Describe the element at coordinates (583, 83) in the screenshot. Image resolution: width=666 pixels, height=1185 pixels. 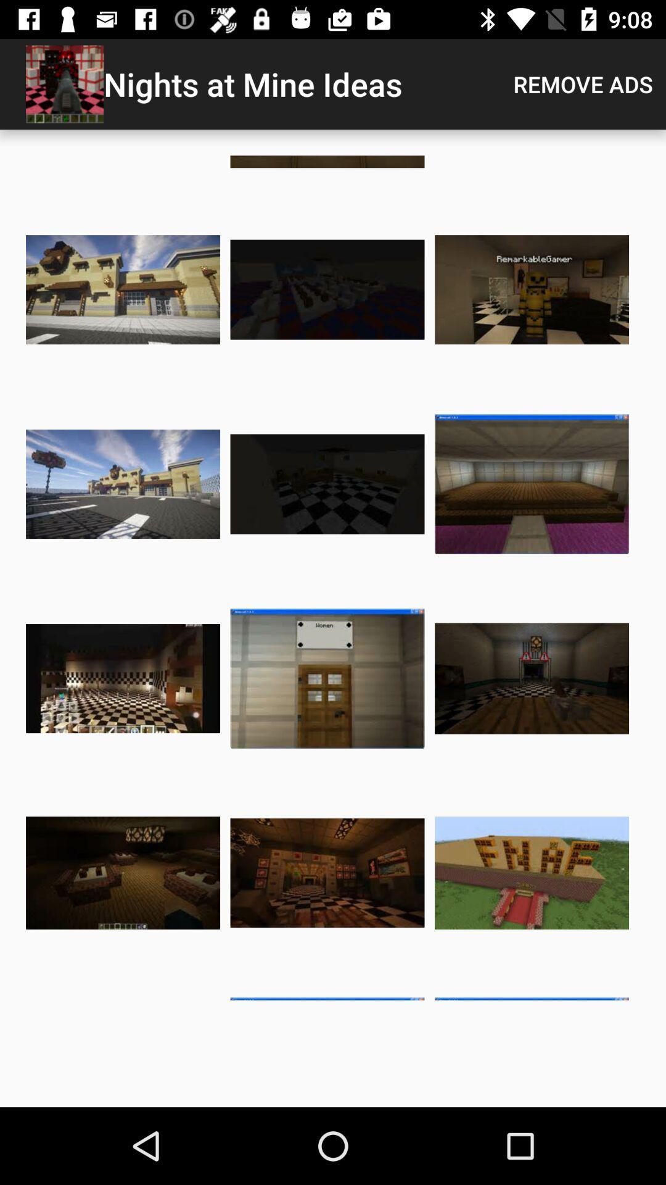
I see `the remove ads icon` at that location.